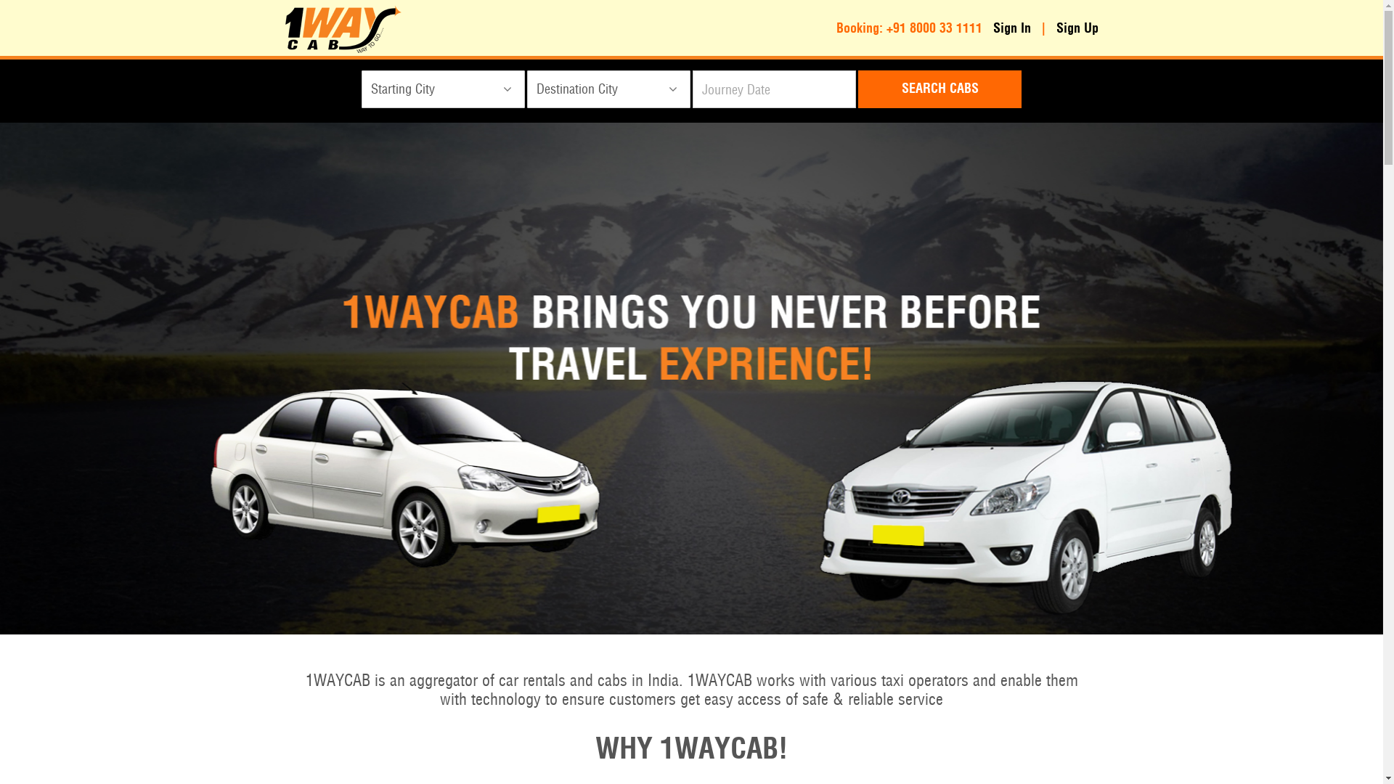 This screenshot has height=784, width=1394. I want to click on 'SEARCH CABS', so click(939, 89).